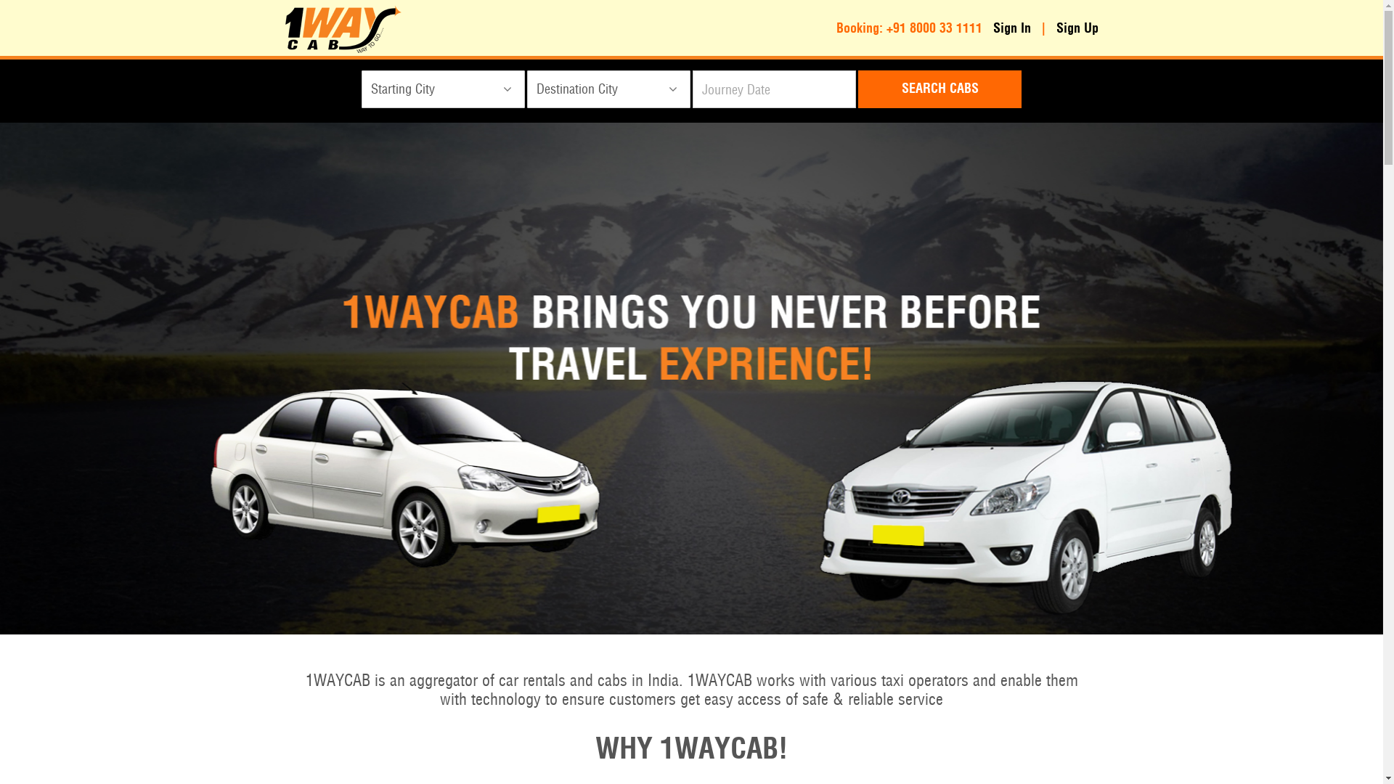 This screenshot has height=784, width=1394. I want to click on 'SEARCH CABS', so click(939, 89).